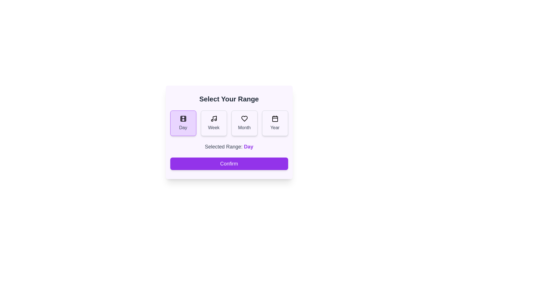  What do you see at coordinates (244, 118) in the screenshot?
I see `the details of the heart-shaped icon located above the 'Month' label within the 'Month' button, which is the third button in a horizontal arrangement of four buttons` at bounding box center [244, 118].